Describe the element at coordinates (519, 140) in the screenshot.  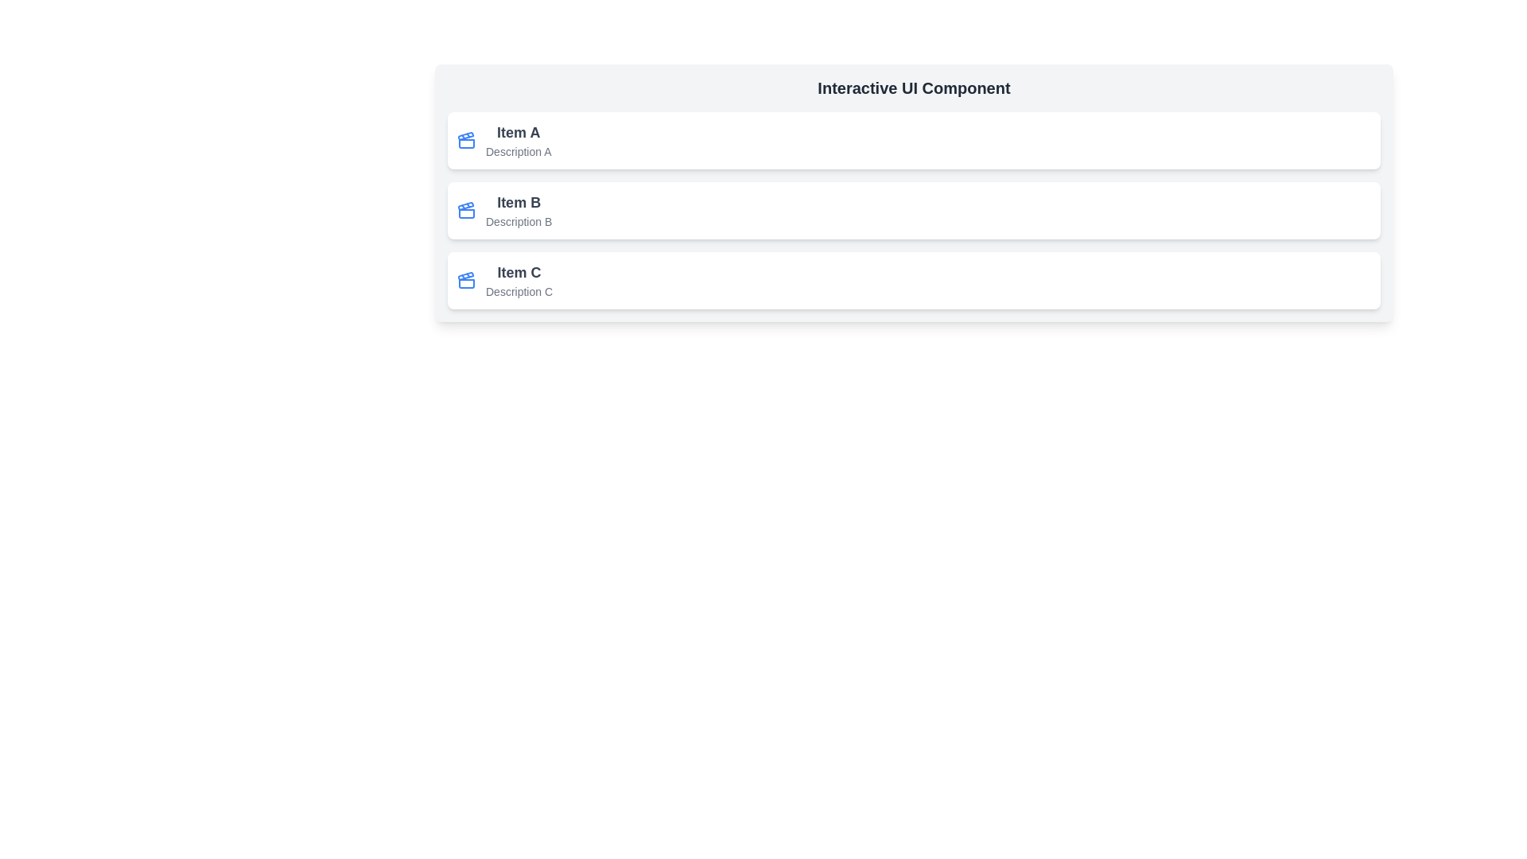
I see `the Text block that provides information about a specific item, positioned as the first item in a vertical list, located near the top-left of the list and part of a card layout` at that location.